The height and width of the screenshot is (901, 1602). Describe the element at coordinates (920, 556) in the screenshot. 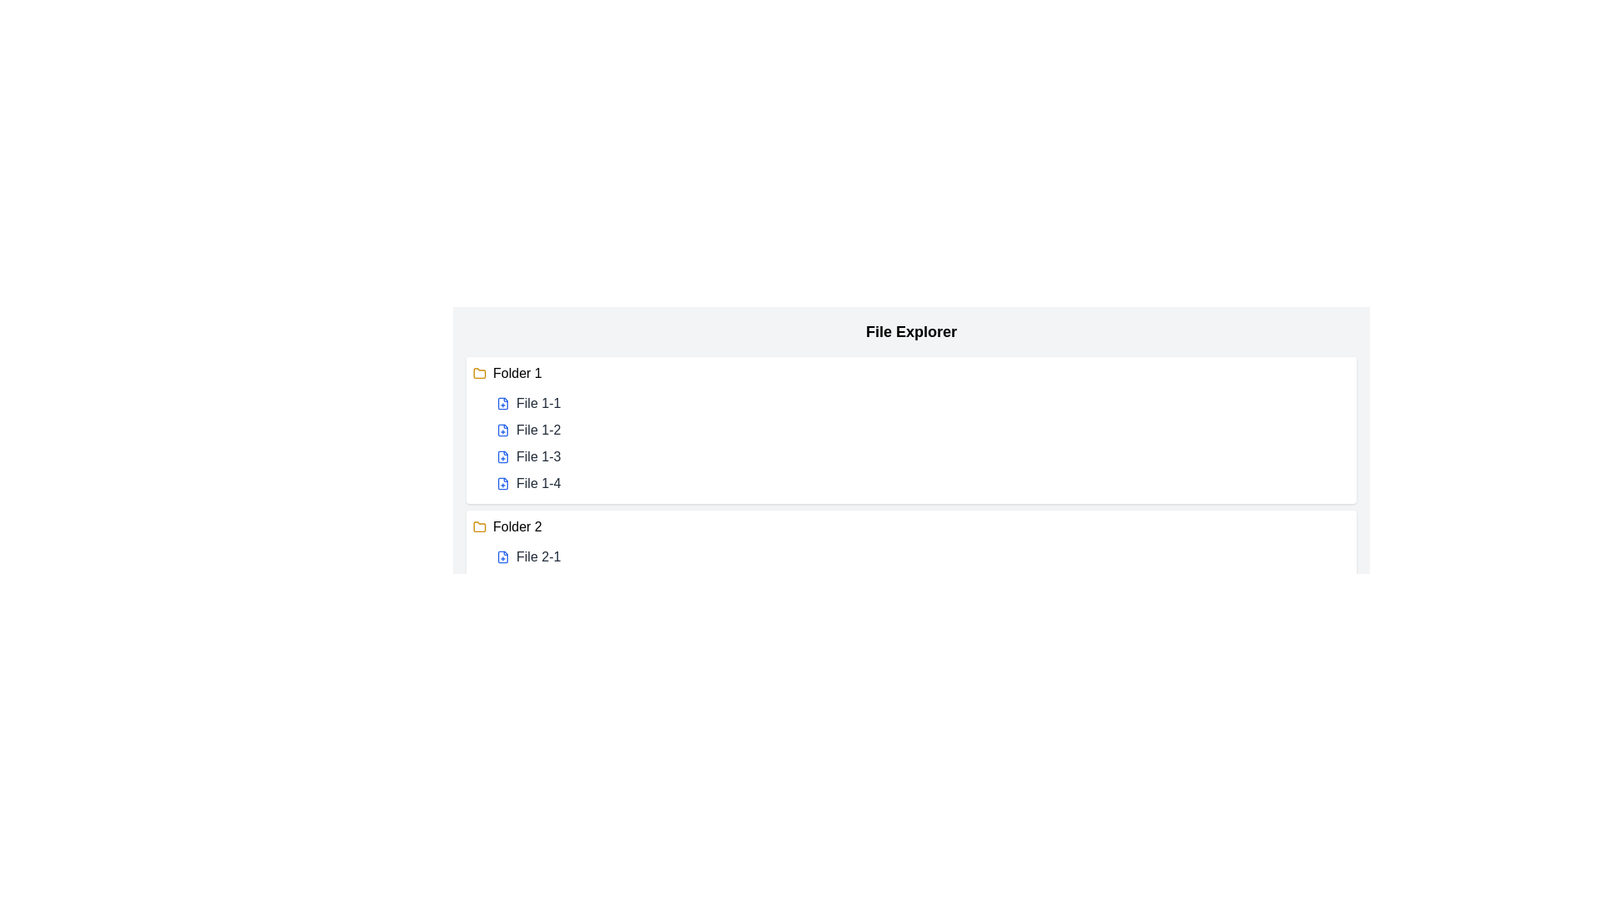

I see `to select the file labeled 'File 2-1', which is the first item under the 'Folder 2' section in the file explorer interface` at that location.